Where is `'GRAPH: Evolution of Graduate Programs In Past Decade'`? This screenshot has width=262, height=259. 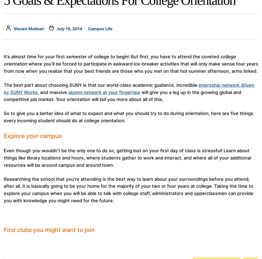
'GRAPH: Evolution of Graduate Programs In Past Decade' is located at coordinates (56, 181).